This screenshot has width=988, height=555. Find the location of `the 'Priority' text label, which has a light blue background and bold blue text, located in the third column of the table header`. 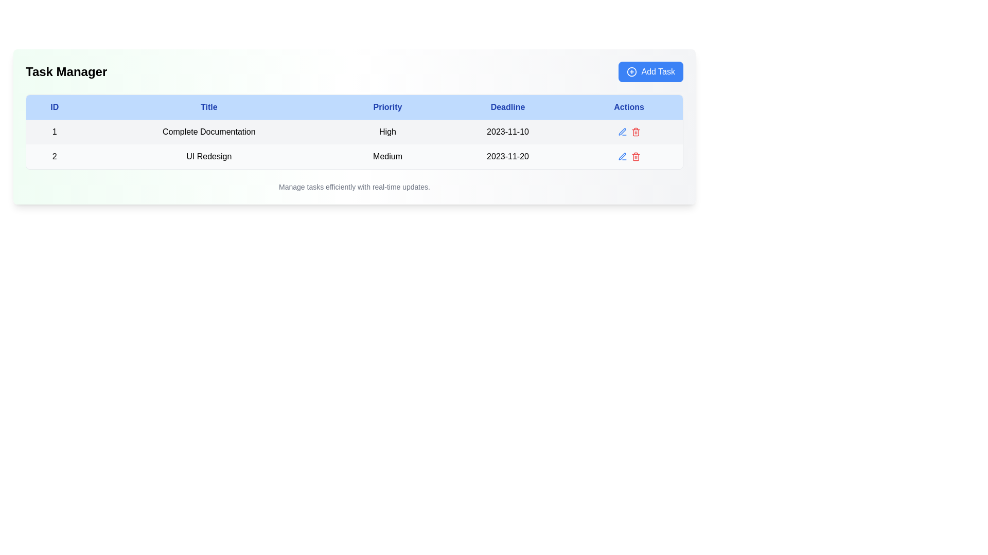

the 'Priority' text label, which has a light blue background and bold blue text, located in the third column of the table header is located at coordinates (387, 107).